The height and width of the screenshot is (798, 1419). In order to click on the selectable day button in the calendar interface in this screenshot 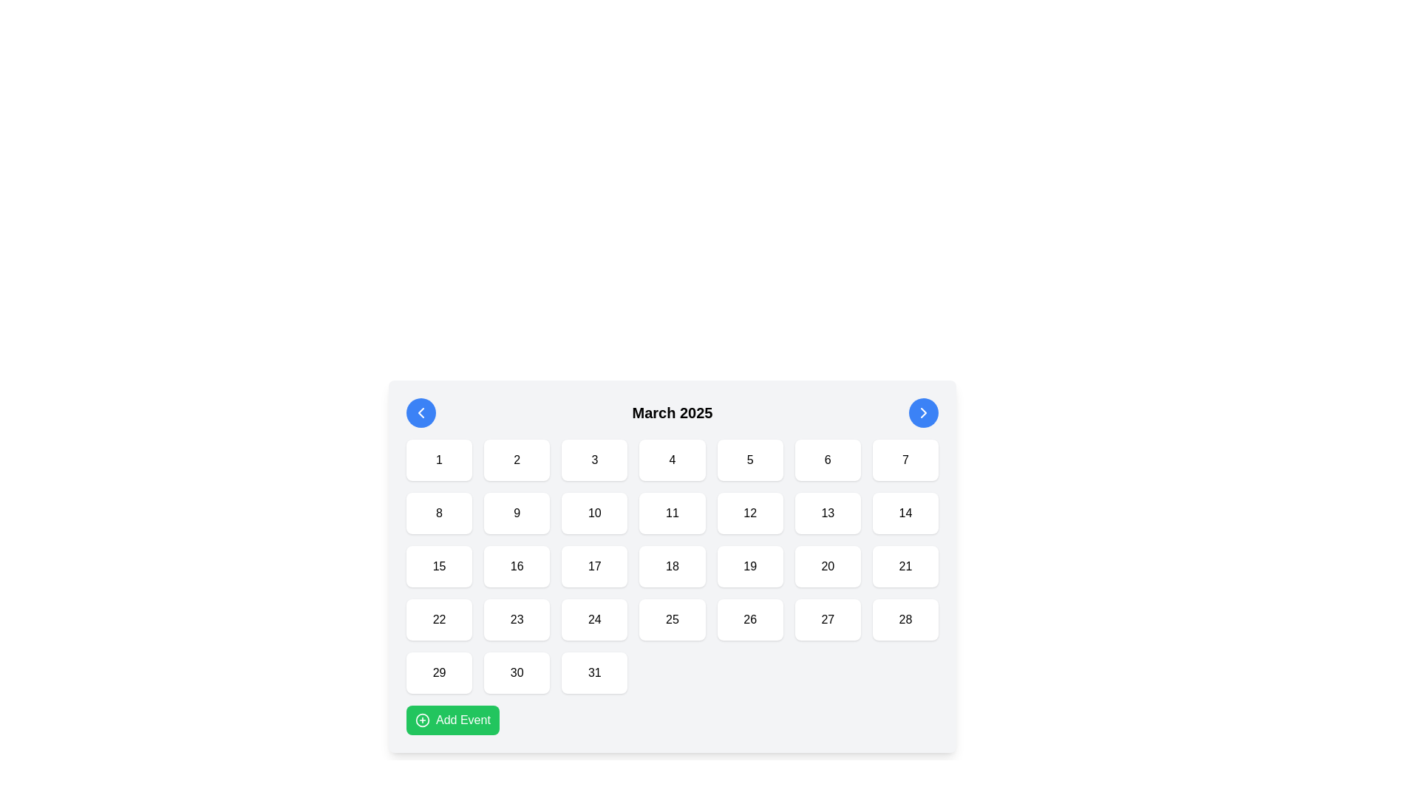, I will do `click(750, 460)`.